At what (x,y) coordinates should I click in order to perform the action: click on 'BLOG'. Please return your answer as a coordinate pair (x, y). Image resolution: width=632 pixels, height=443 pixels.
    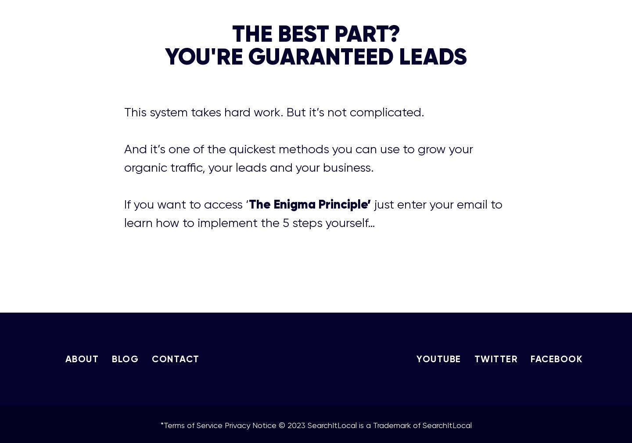
    Looking at the image, I should click on (125, 358).